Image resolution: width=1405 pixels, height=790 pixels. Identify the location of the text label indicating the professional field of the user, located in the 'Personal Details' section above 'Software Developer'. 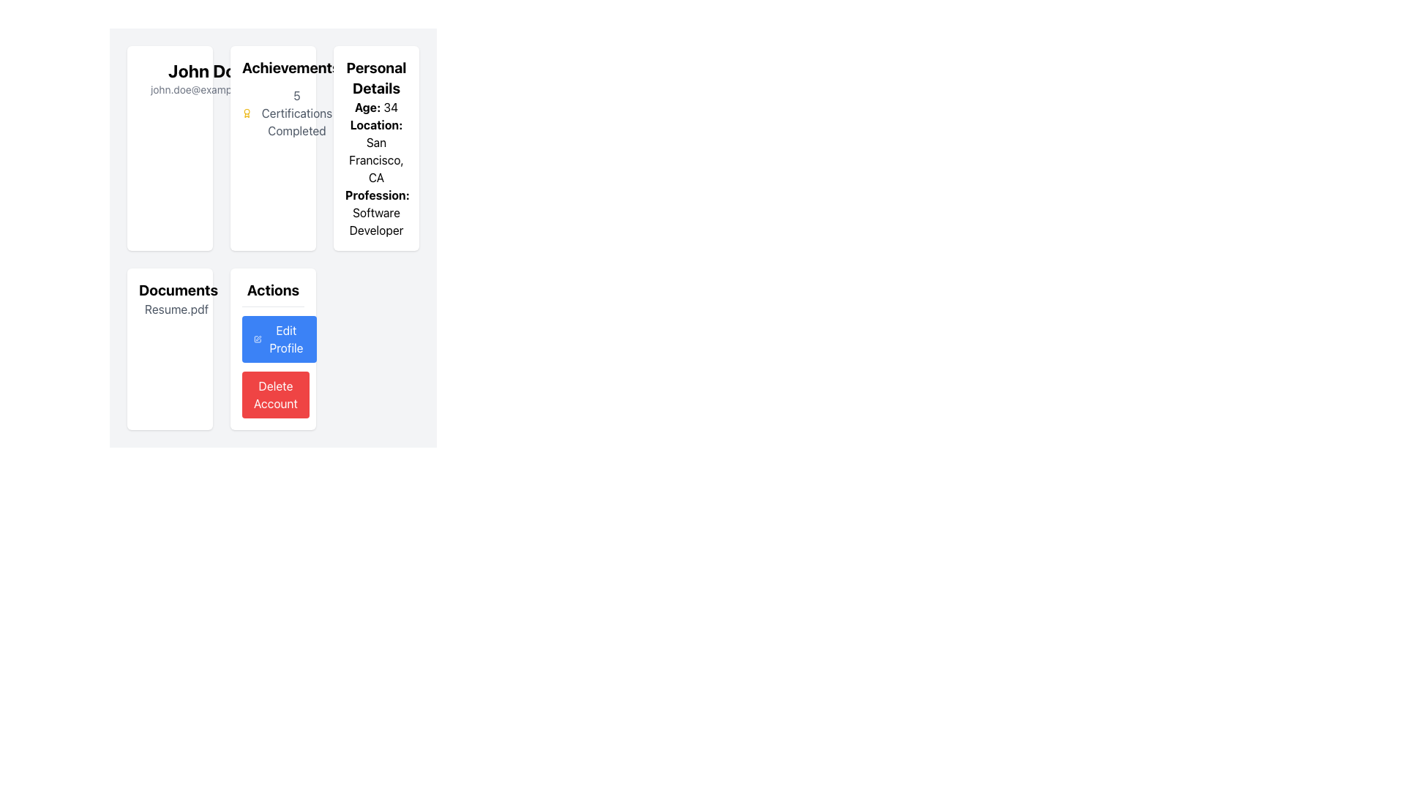
(377, 194).